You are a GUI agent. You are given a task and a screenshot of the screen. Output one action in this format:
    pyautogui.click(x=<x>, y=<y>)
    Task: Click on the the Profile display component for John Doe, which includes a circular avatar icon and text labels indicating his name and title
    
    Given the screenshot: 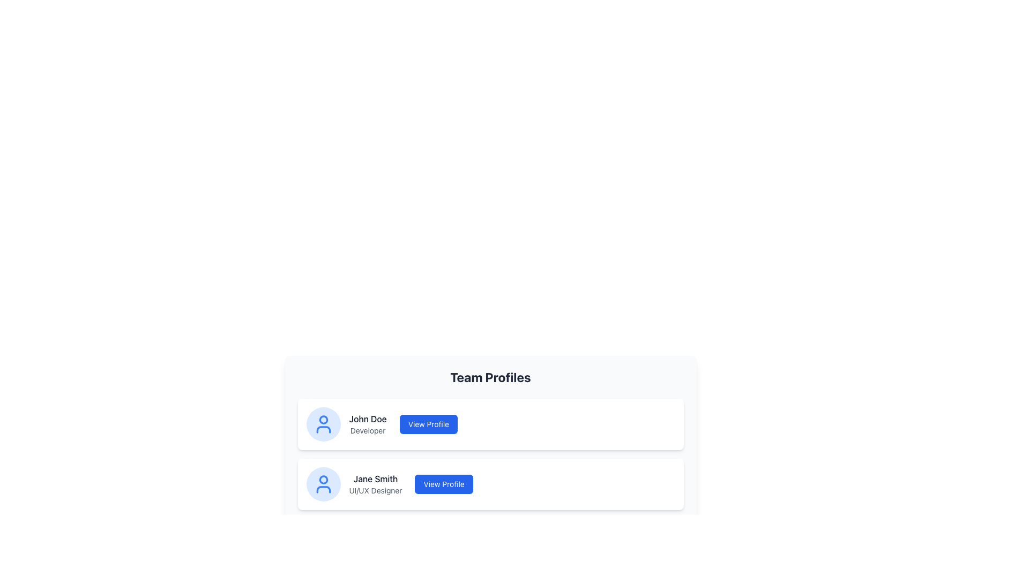 What is the action you would take?
    pyautogui.click(x=346, y=424)
    